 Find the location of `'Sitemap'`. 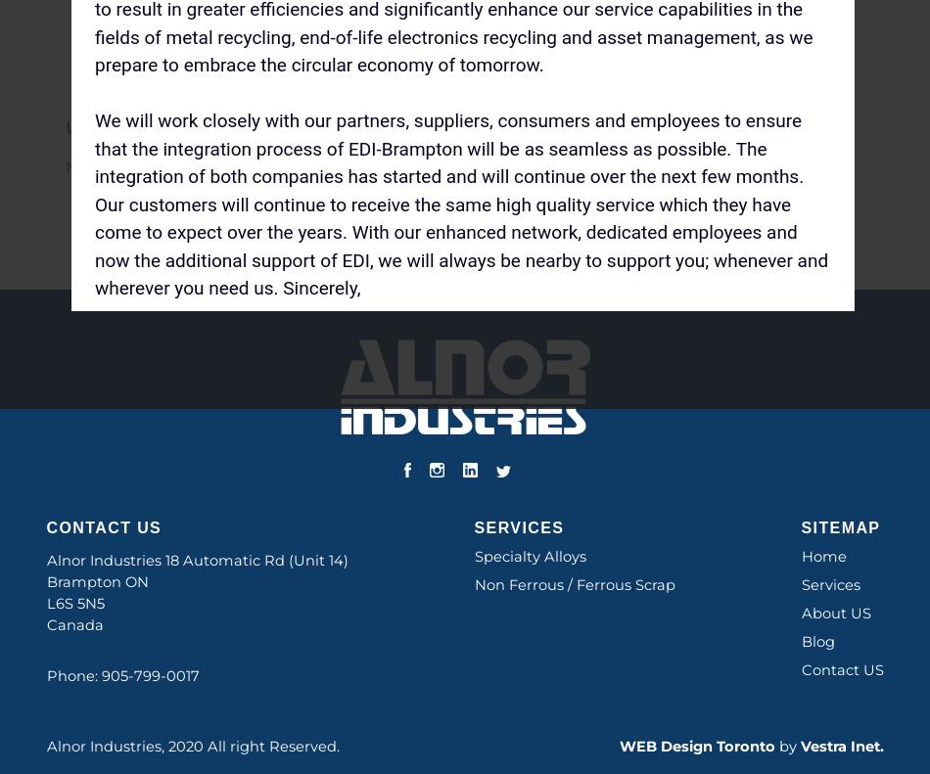

'Sitemap' is located at coordinates (800, 527).